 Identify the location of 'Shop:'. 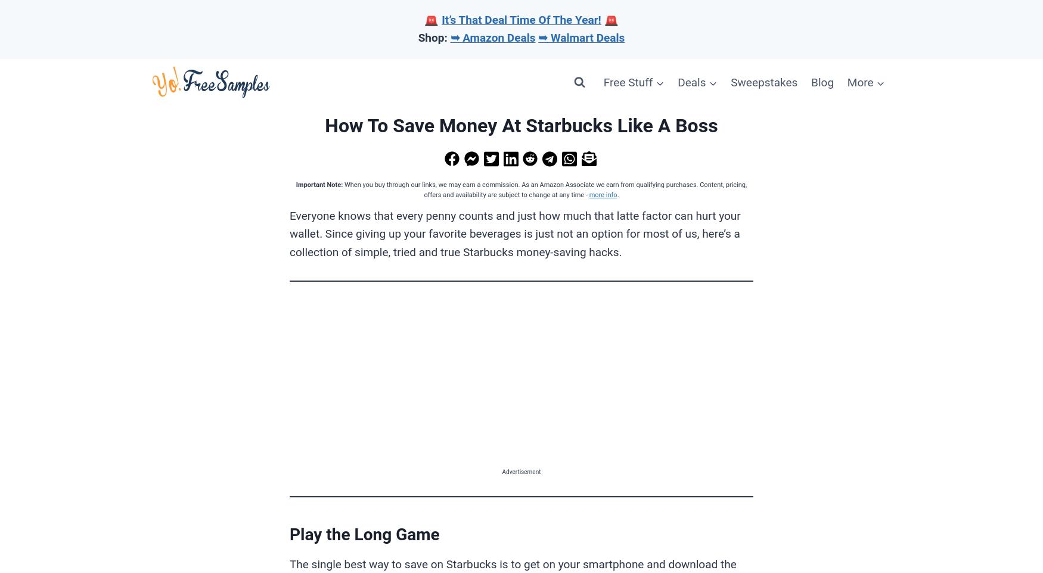
(418, 38).